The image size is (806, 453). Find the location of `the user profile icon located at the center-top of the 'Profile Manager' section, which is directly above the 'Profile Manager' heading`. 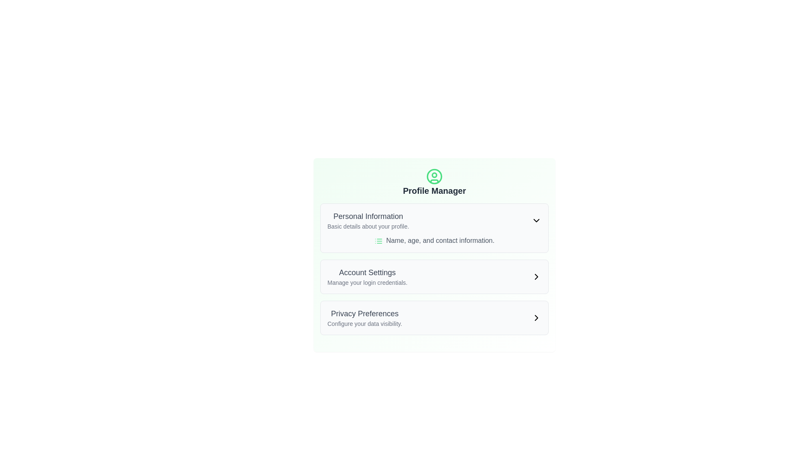

the user profile icon located at the center-top of the 'Profile Manager' section, which is directly above the 'Profile Manager' heading is located at coordinates (434, 176).